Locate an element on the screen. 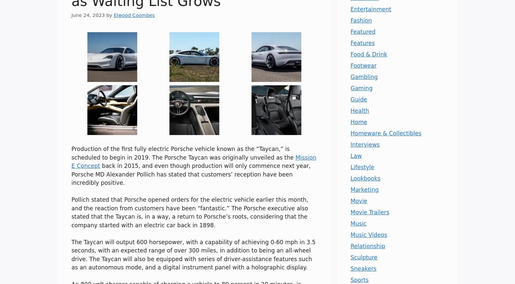 Image resolution: width=515 pixels, height=284 pixels. 'Music' is located at coordinates (358, 224).